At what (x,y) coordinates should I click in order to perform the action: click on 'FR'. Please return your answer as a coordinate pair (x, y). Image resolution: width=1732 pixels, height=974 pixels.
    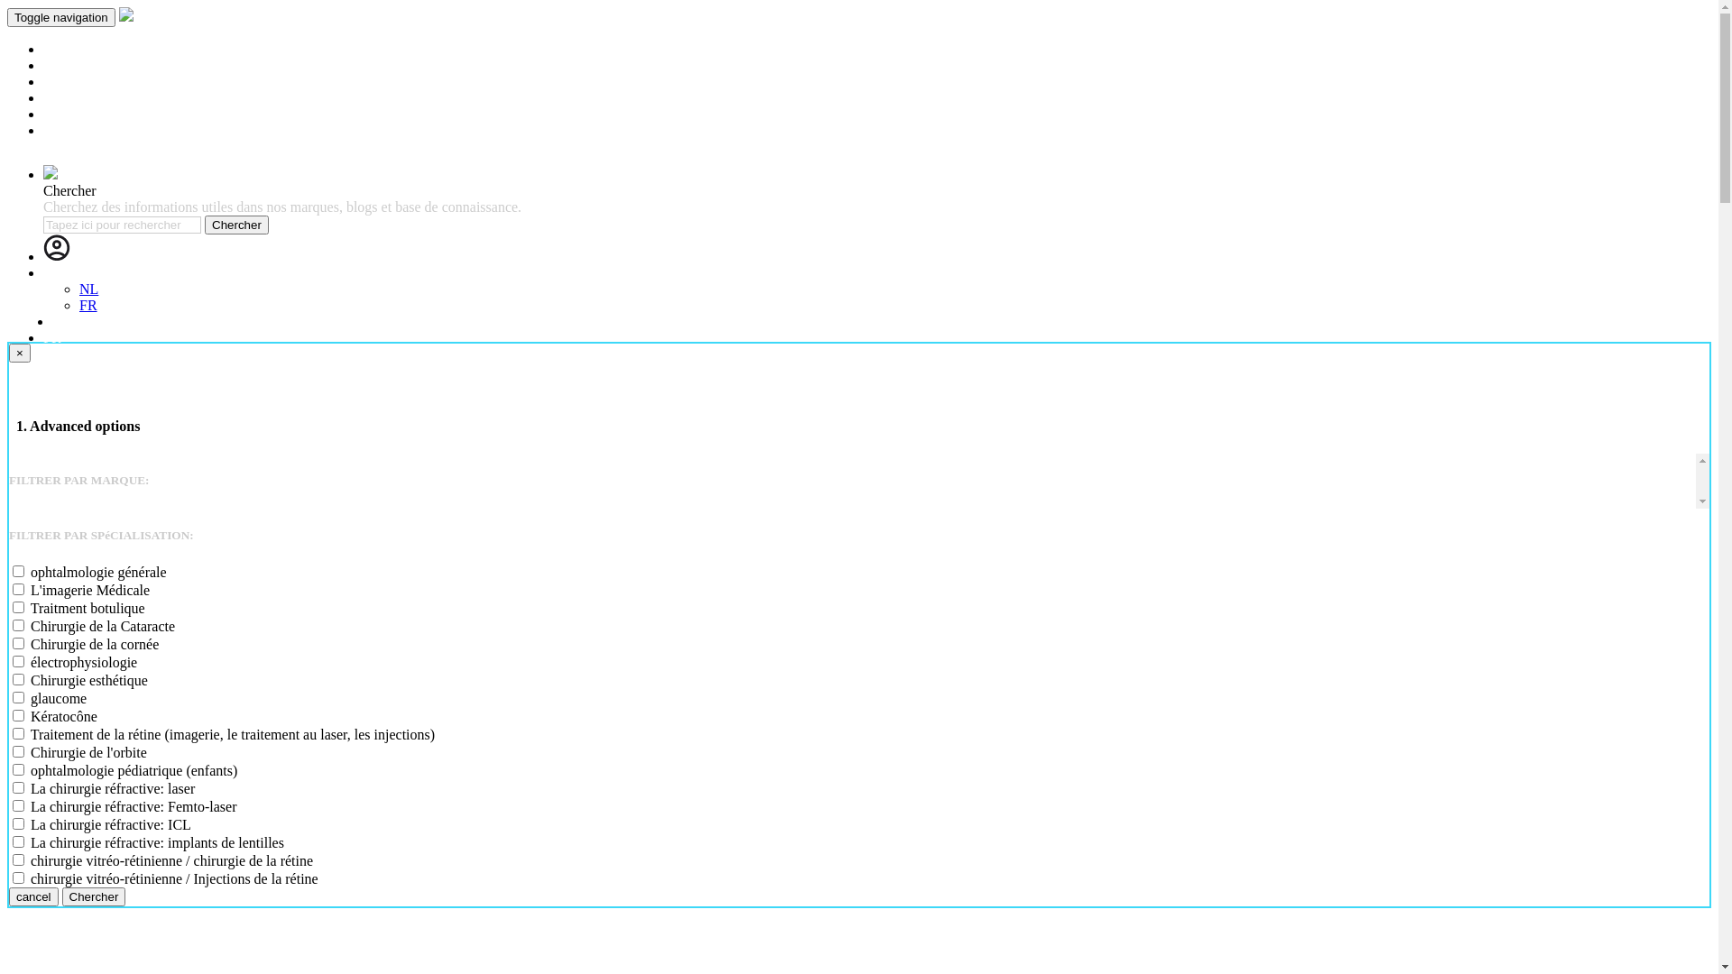
    Looking at the image, I should click on (87, 304).